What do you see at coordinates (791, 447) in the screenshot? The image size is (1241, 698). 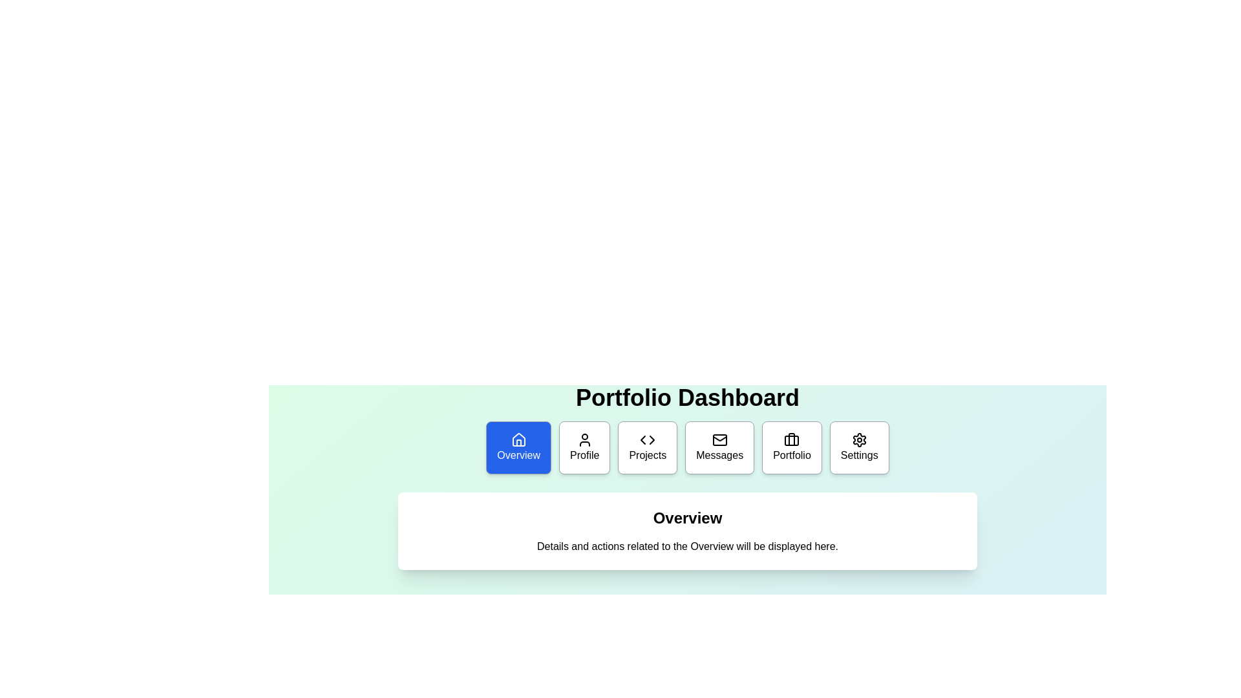 I see `the 'Portfolio' button, the fifth button in a horizontal row, to observe visual feedback` at bounding box center [791, 447].